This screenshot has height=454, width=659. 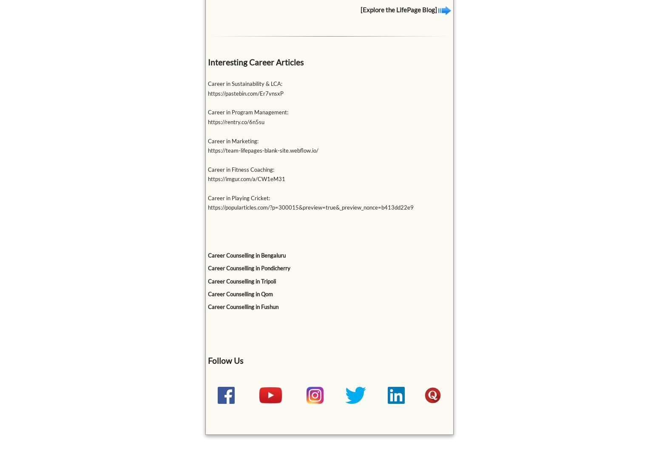 What do you see at coordinates (207, 84) in the screenshot?
I see `'Career in Sustainability & LCA:'` at bounding box center [207, 84].